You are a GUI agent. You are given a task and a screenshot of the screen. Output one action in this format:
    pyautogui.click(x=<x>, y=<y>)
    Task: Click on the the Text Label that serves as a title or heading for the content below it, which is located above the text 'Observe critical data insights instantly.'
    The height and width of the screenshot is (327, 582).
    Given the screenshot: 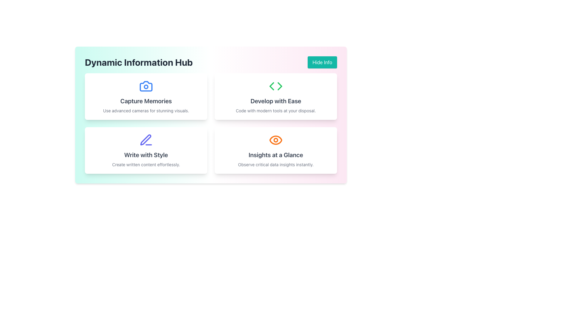 What is the action you would take?
    pyautogui.click(x=276, y=155)
    